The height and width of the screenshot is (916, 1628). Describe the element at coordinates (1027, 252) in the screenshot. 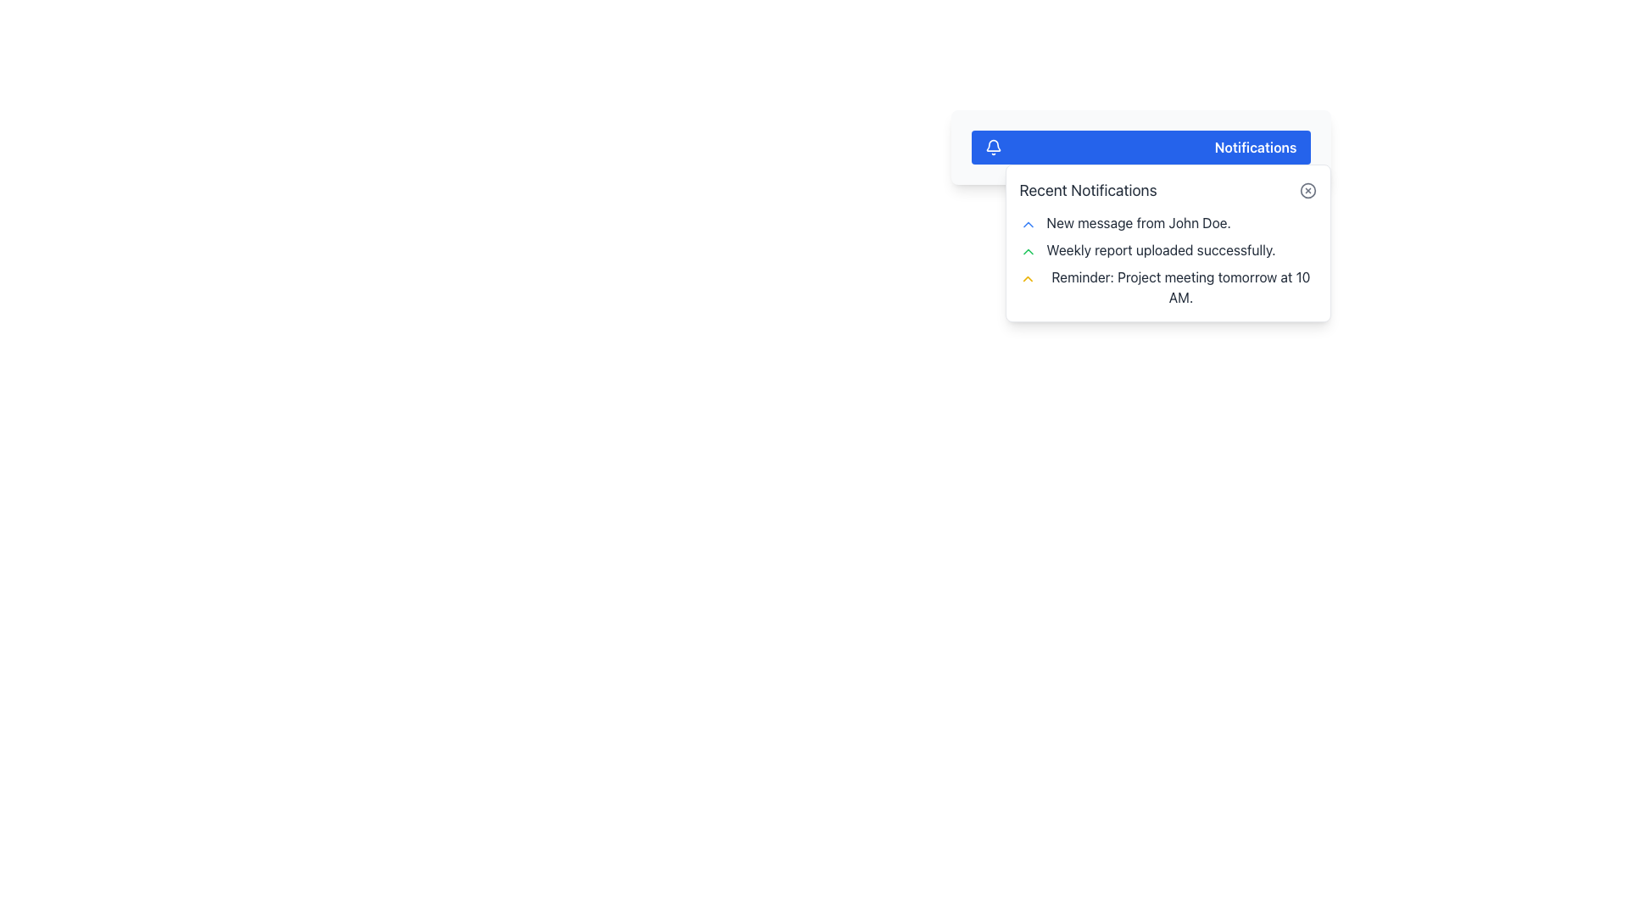

I see `the icon positioned in the middle section of the notification list, just to the left of the text 'Weekly report uploaded successfully.'` at that location.